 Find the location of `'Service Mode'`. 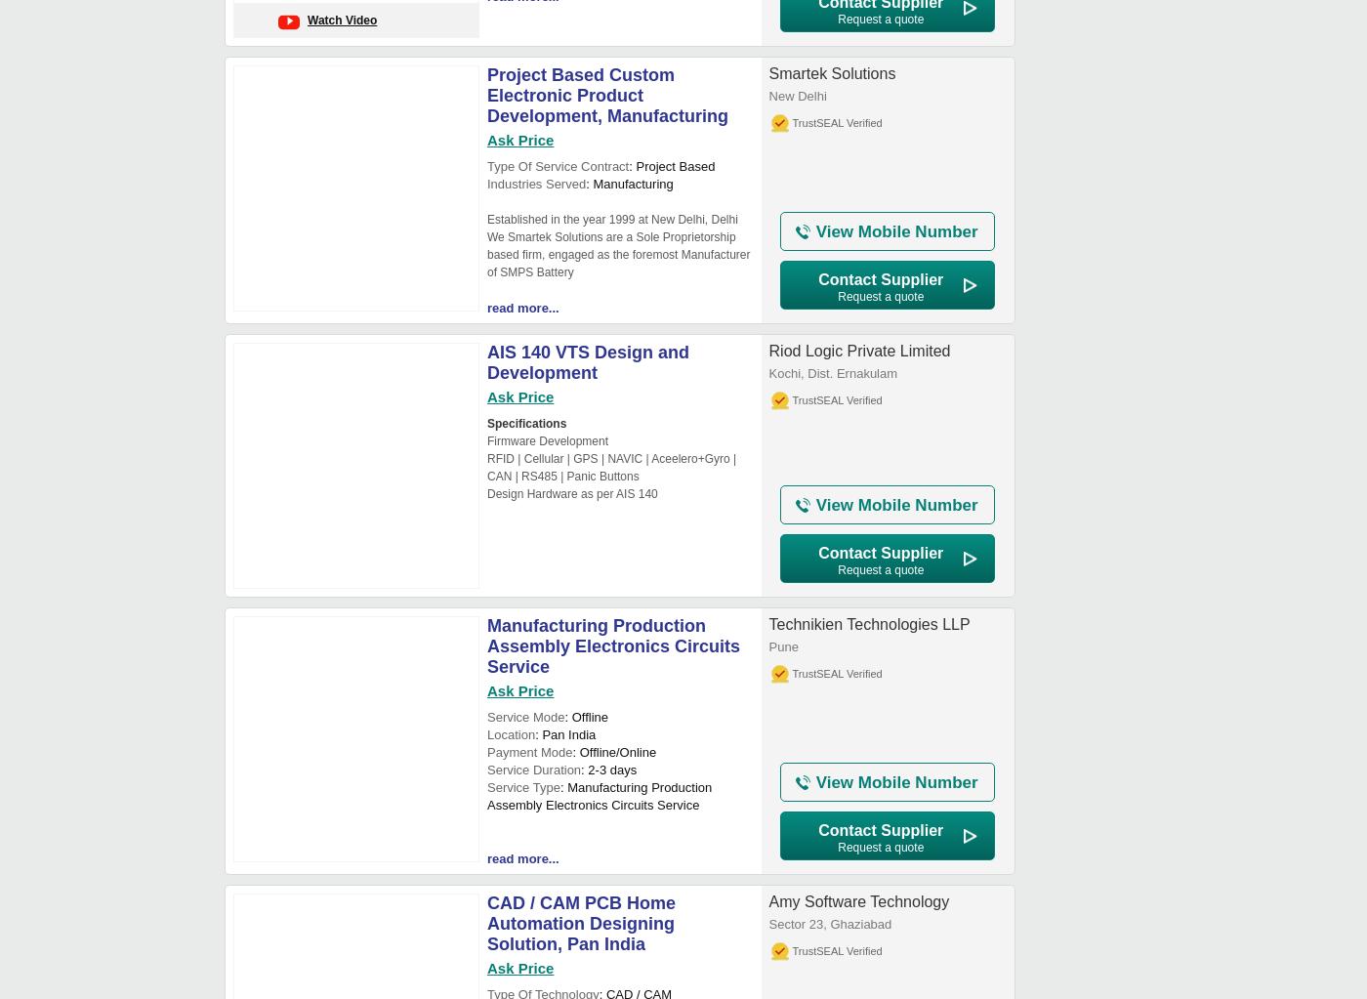

'Service Mode' is located at coordinates (525, 717).